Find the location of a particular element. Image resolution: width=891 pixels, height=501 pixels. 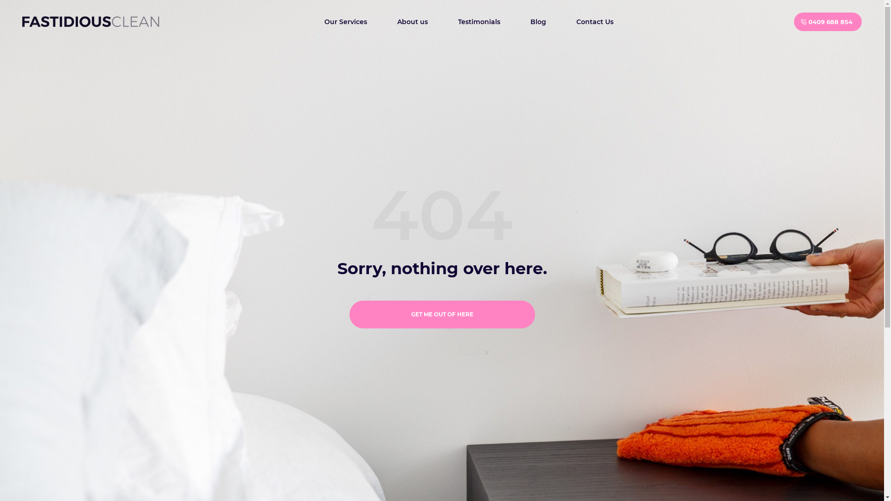

'GET ME OUT OF HERE' is located at coordinates (441, 314).